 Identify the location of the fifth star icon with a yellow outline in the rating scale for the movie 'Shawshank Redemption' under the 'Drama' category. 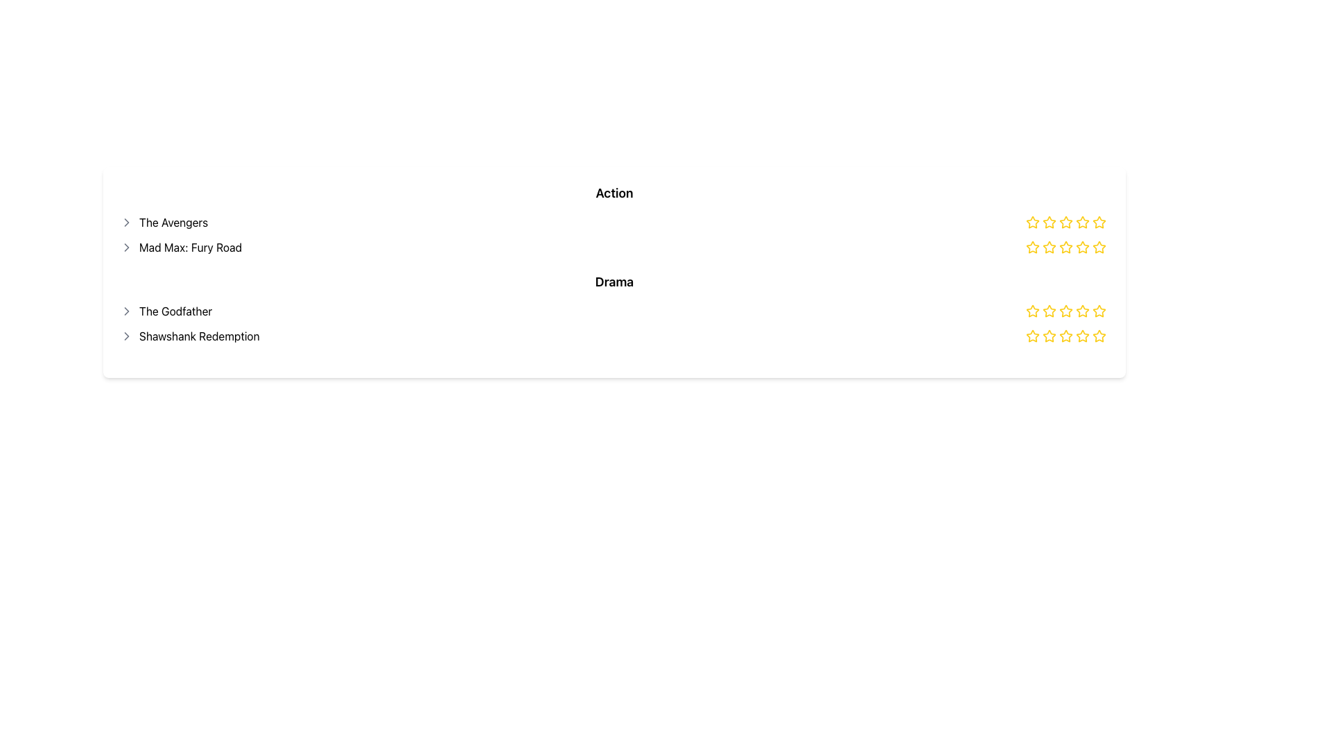
(1098, 336).